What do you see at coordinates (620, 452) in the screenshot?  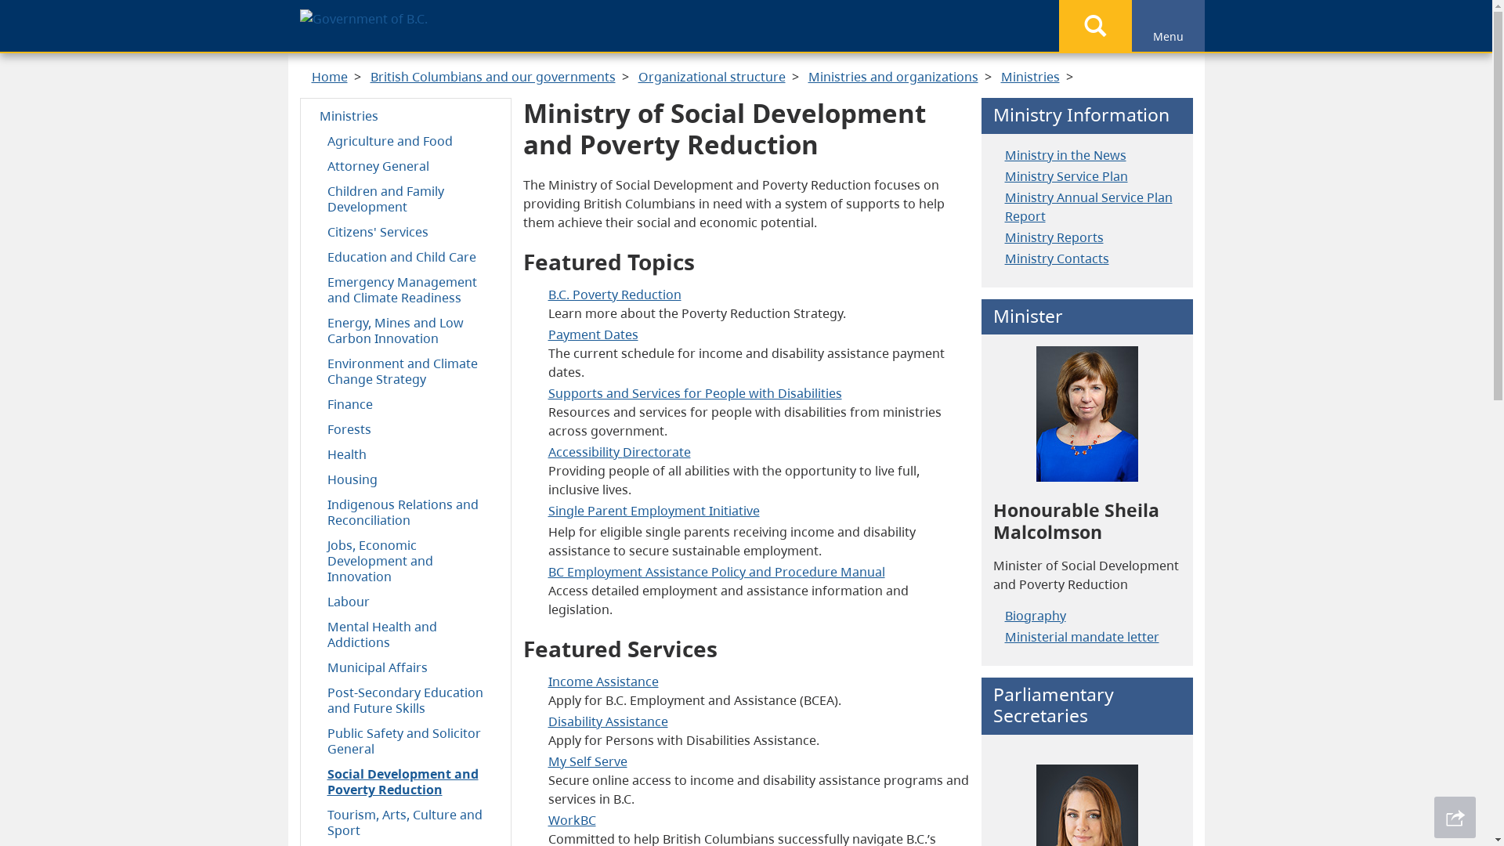 I see `'Directorate'` at bounding box center [620, 452].